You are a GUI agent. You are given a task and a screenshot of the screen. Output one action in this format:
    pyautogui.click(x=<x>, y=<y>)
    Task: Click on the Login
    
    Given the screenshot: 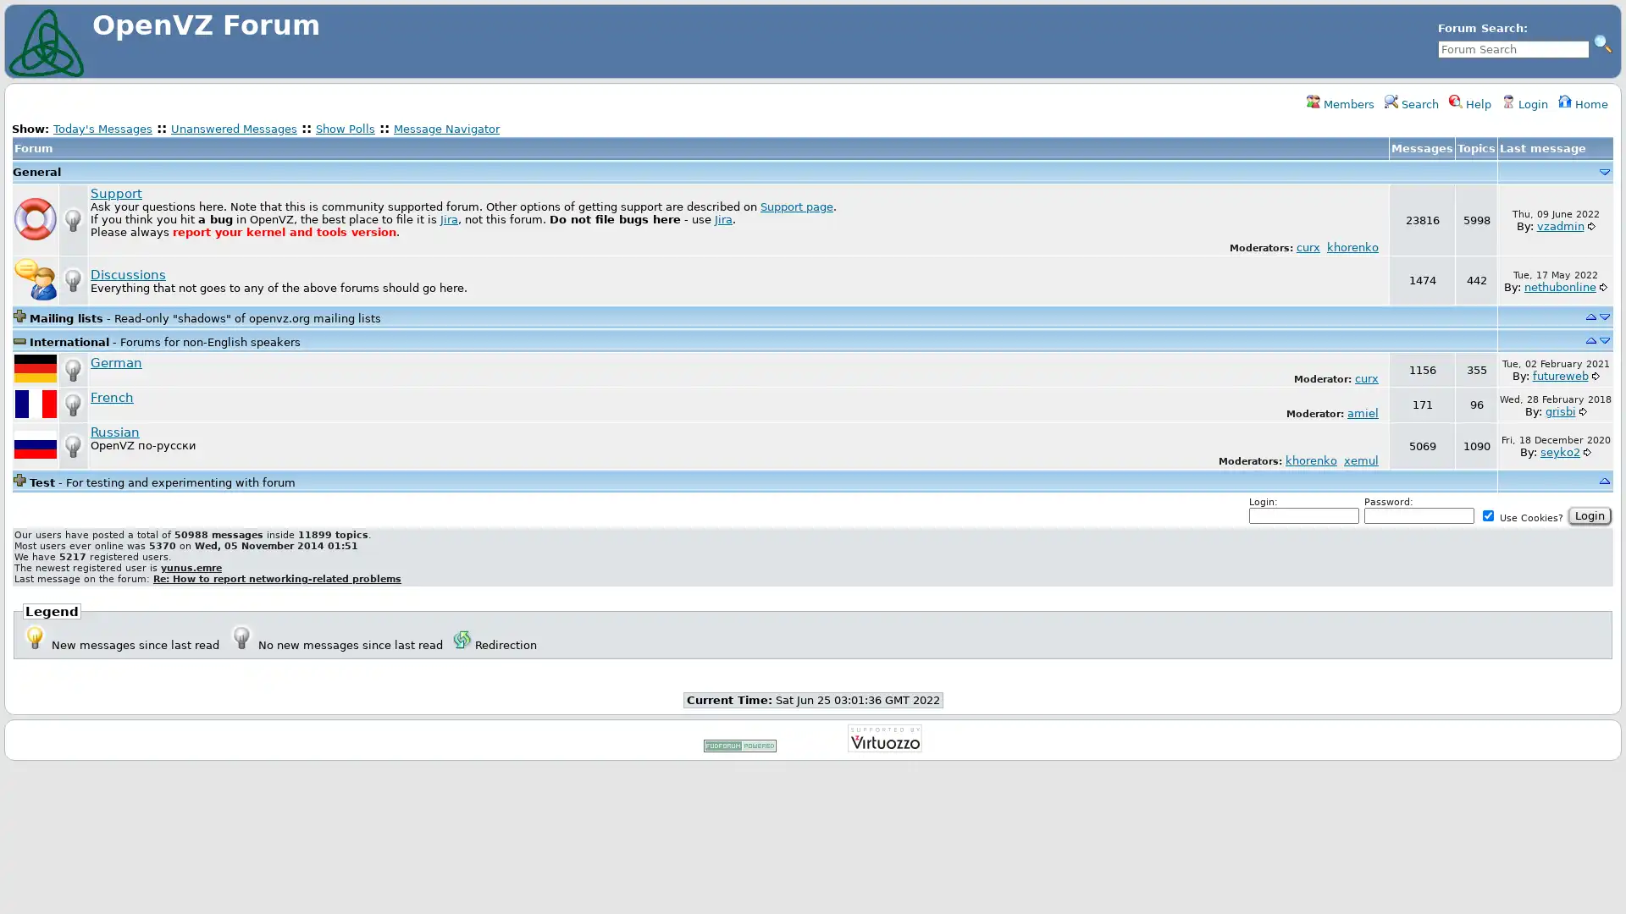 What is the action you would take?
    pyautogui.click(x=1589, y=515)
    